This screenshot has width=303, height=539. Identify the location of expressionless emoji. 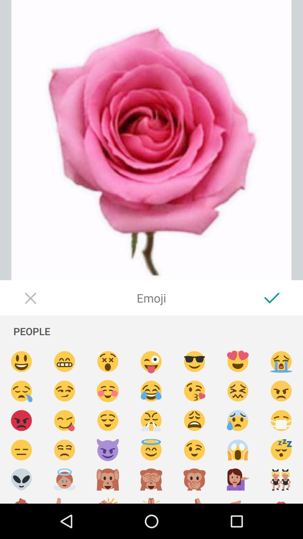
(21, 450).